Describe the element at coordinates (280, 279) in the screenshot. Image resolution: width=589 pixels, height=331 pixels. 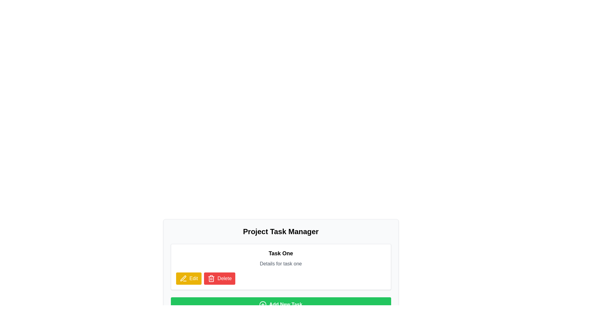
I see `the buttons in the Horizontal button group located beneath 'Details for task one' in the task management application` at that location.